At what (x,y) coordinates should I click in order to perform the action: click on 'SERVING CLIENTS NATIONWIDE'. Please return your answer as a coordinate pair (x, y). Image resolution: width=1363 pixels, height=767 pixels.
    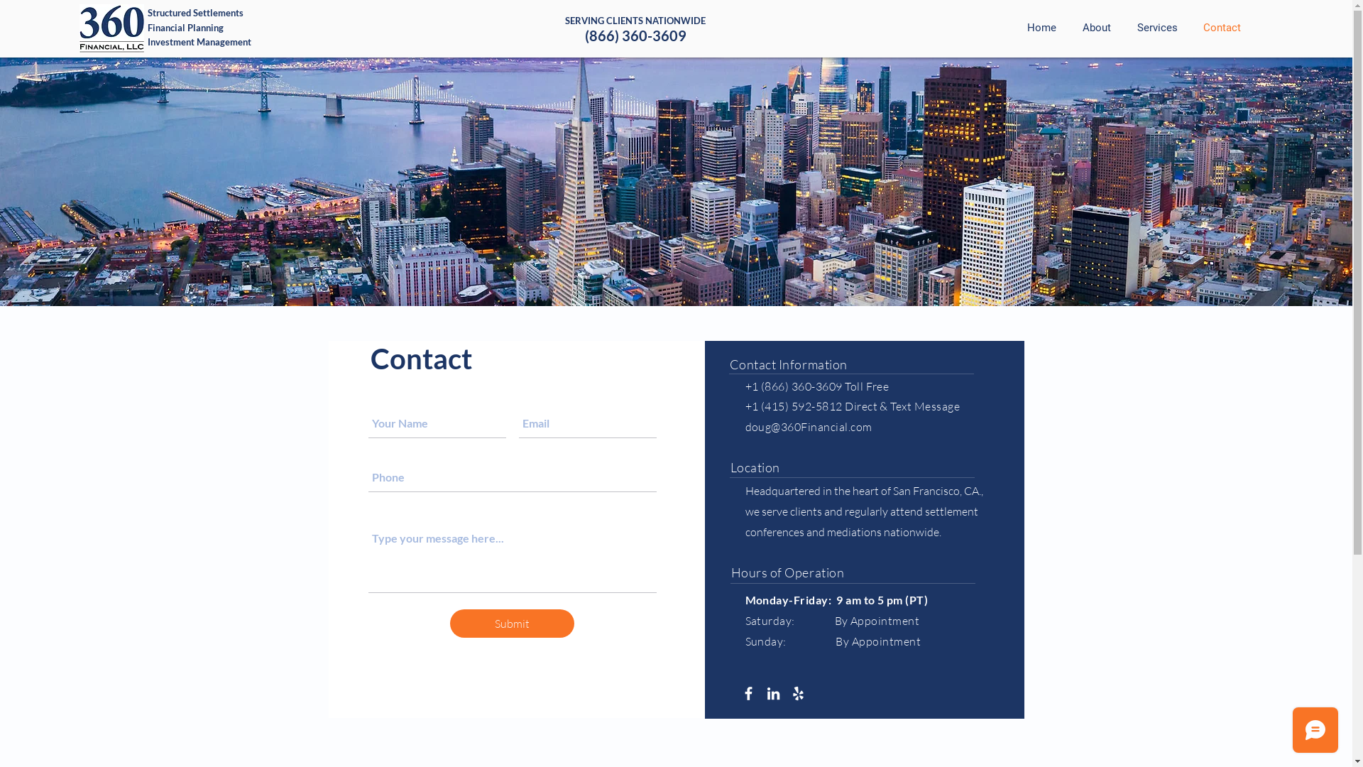
    Looking at the image, I should click on (634, 21).